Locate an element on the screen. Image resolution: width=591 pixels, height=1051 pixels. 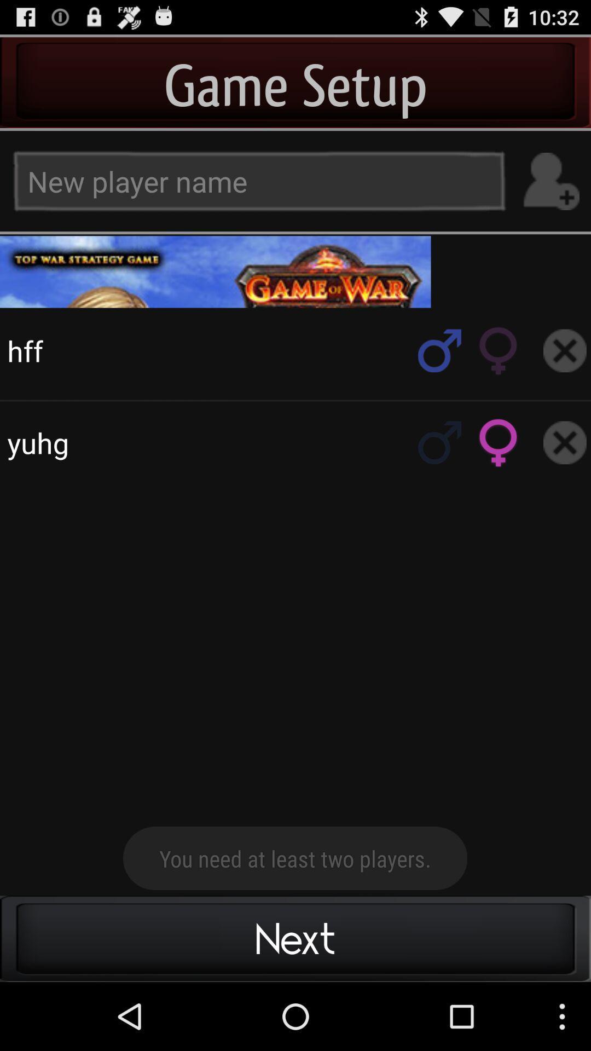
new player is located at coordinates (551, 181).